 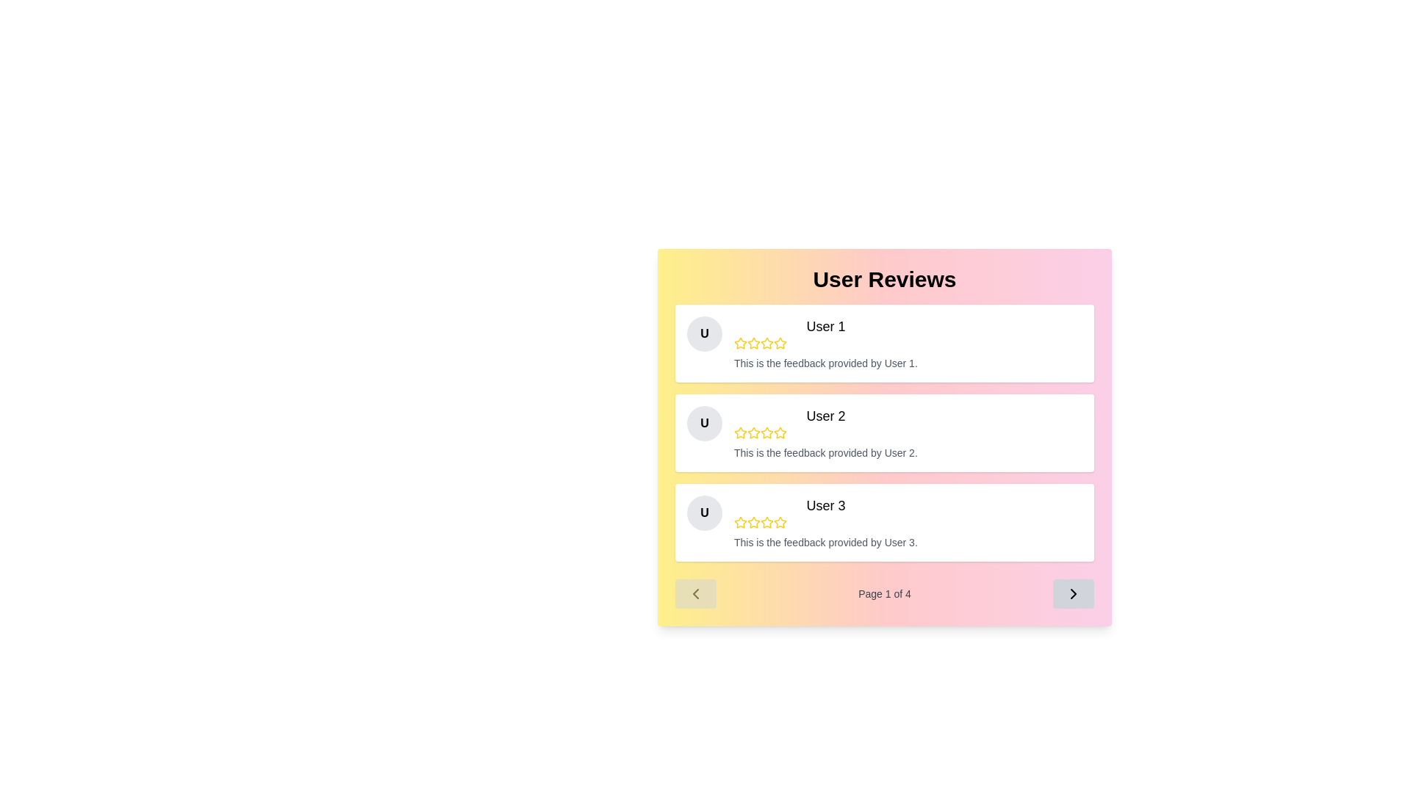 I want to click on the fourth star icon in the five-star rating system for 'User 1' in the feedback section, so click(x=766, y=343).